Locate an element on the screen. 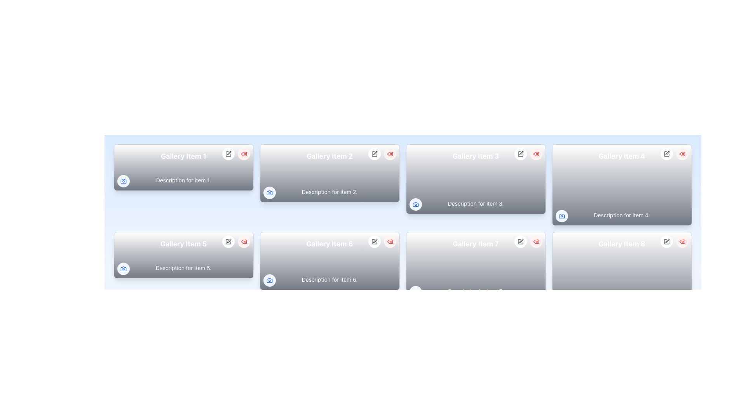 This screenshot has width=746, height=419. the square-shaped edit icon in the top-right corner of the 'Gallery Item 6' card is located at coordinates (374, 241).